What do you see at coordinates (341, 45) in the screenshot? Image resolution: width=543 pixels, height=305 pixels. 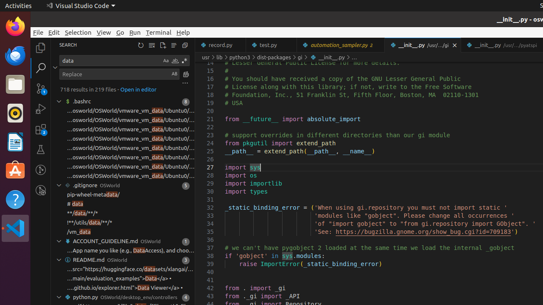 I see `'automation_sampler.py, preview'` at bounding box center [341, 45].